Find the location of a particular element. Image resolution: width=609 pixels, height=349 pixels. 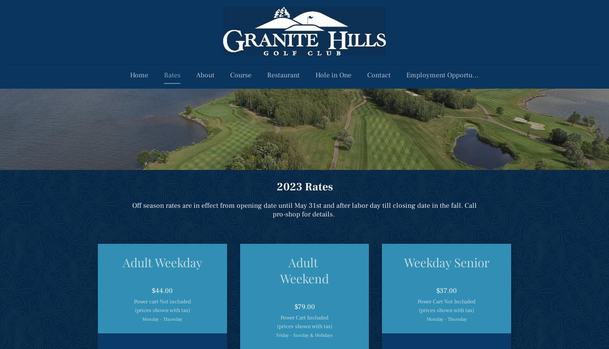

'Power Cart Not Included' is located at coordinates (446, 301).